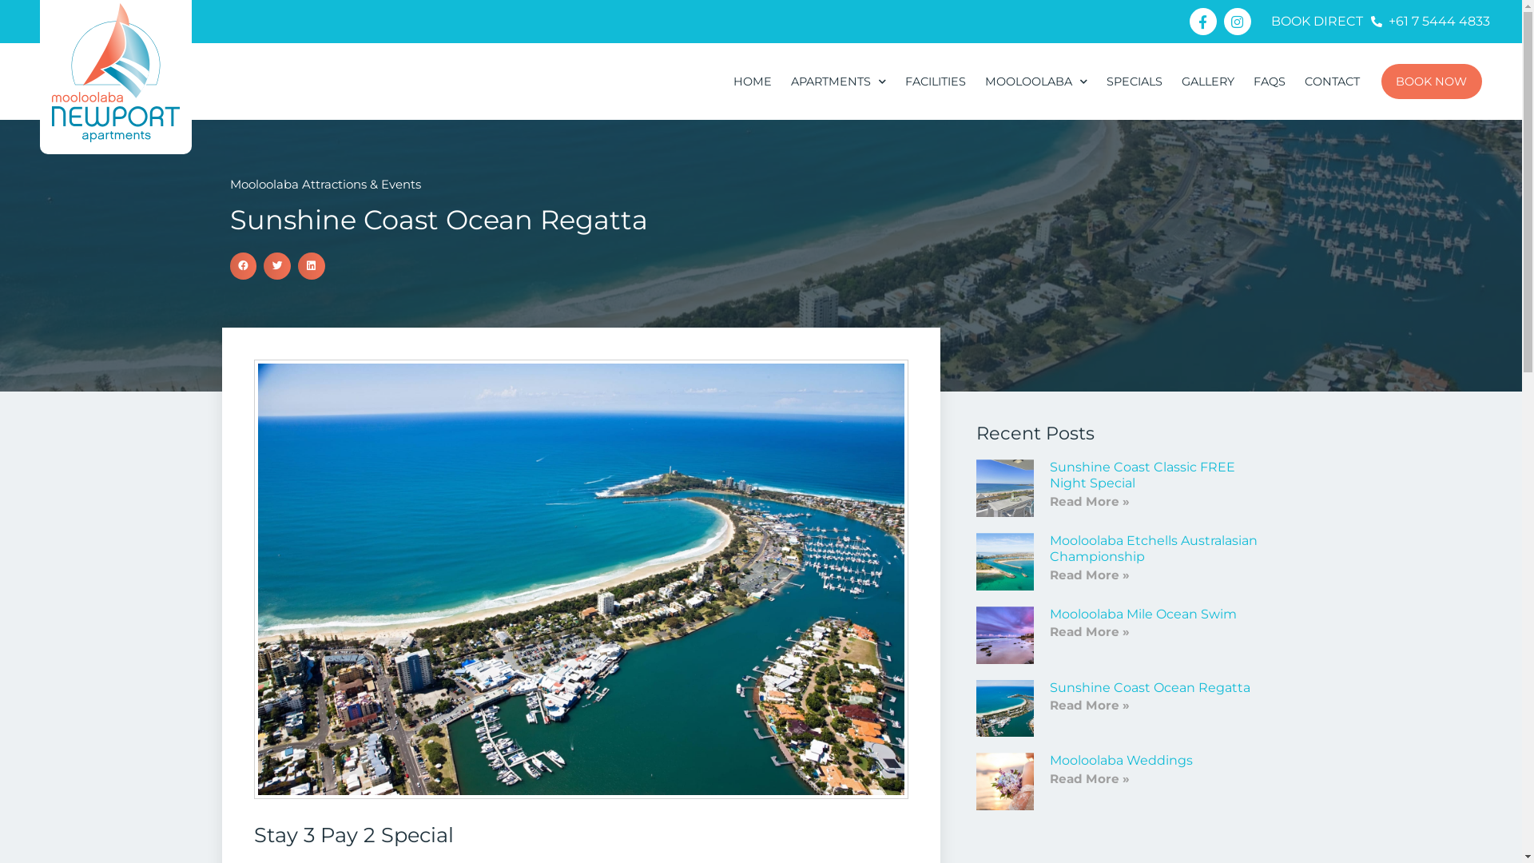 The image size is (1534, 863). I want to click on 'Mooloolaba Etchells Australasian Championship', so click(1154, 547).